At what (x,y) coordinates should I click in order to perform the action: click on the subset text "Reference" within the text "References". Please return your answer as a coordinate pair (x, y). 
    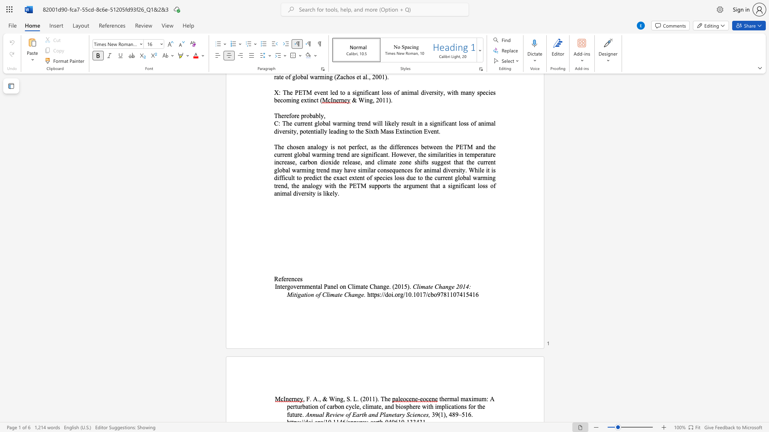
    Looking at the image, I should click on (274, 278).